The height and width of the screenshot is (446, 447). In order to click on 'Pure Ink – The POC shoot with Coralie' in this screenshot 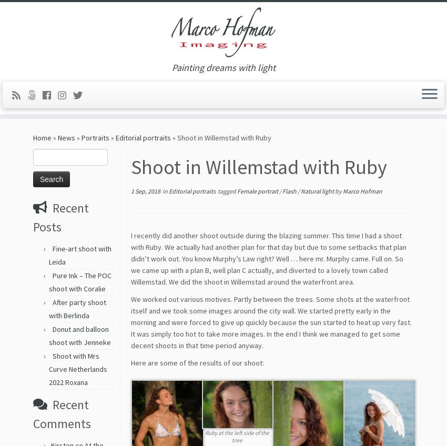, I will do `click(80, 285)`.